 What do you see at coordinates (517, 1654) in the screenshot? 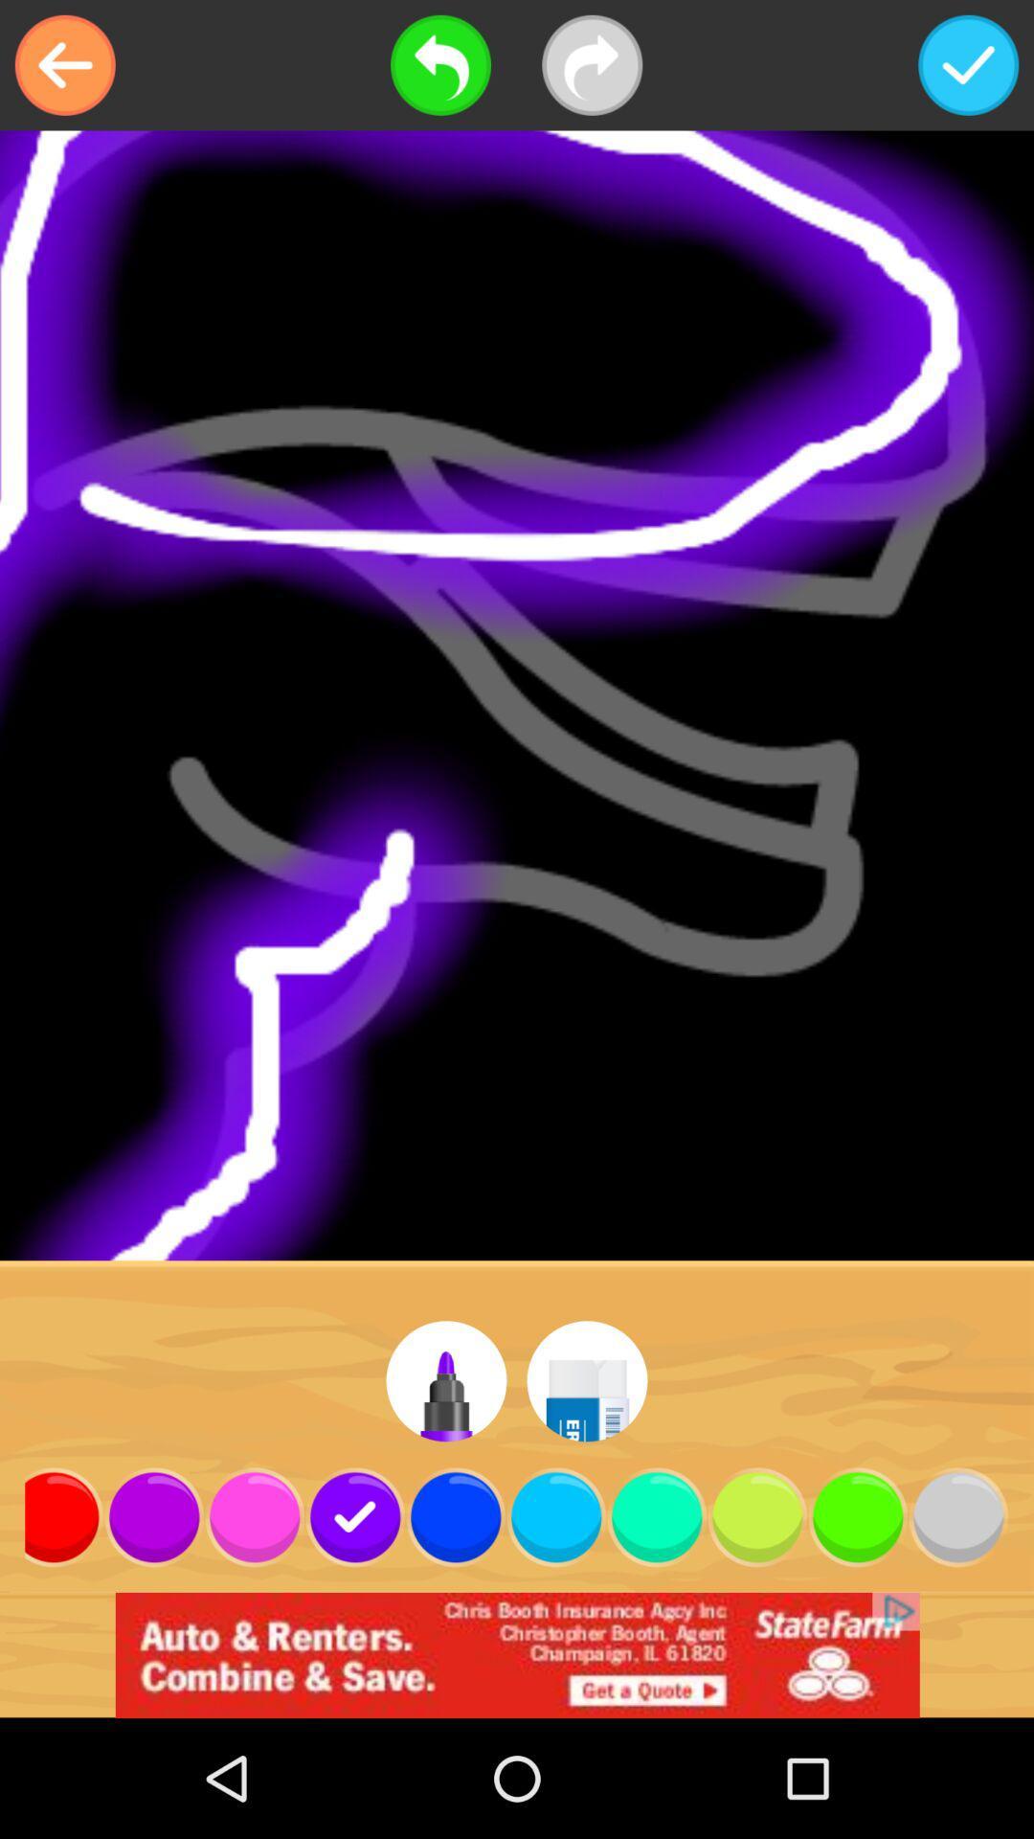
I see `view add` at bounding box center [517, 1654].